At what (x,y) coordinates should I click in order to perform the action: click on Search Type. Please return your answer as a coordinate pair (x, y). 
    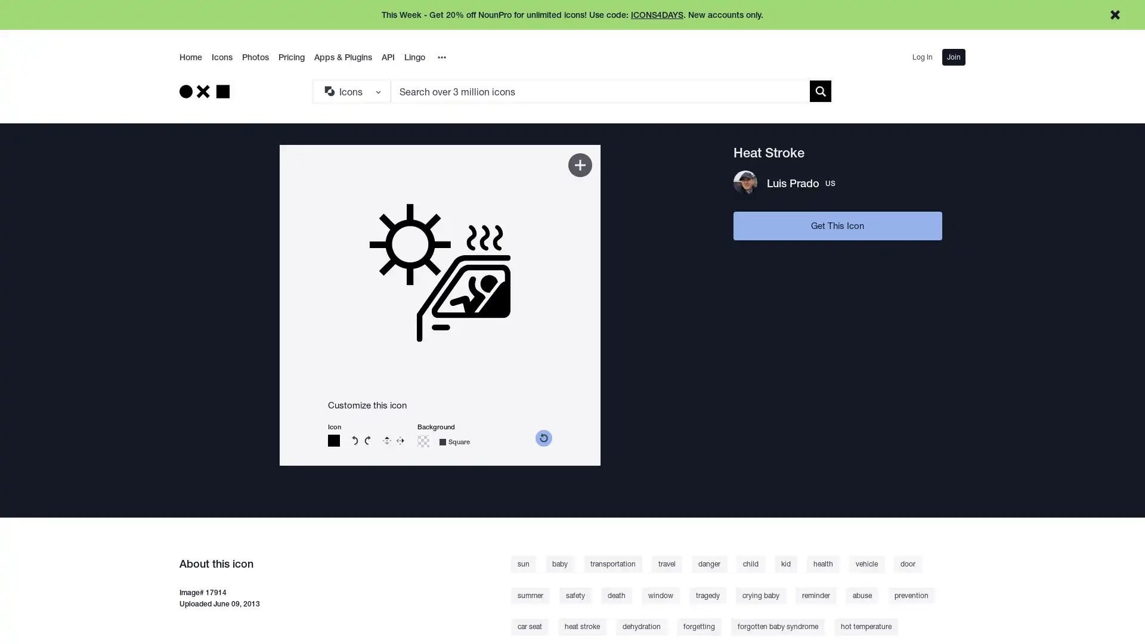
    Looking at the image, I should click on (351, 91).